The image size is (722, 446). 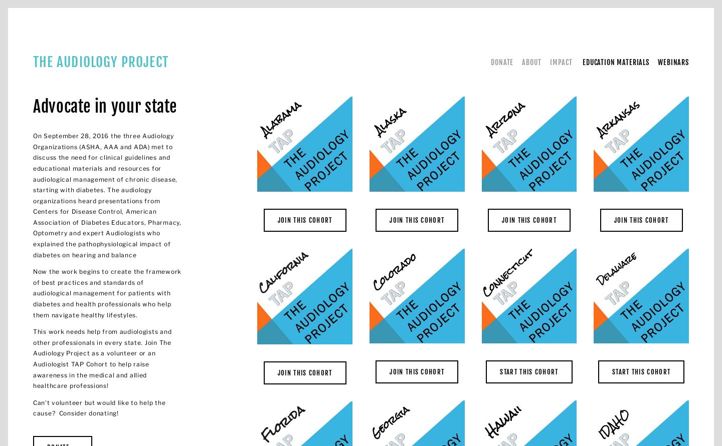 I want to click on 'On September 28, 2016 the three Audiology Organizations (ASHA, AAA and ADA) met to discuss the need for clinical guidelines and educational materials and resources for audiological management of chronic disease, starting with diabetes. The audiology organizations heard presentations from Centers for Disease Control, American Association of Diabetes Educators, Pharmacy, Optometry and expert Audiologists who explained the pathophysiological impact of diabetes on hearing and balance', so click(x=108, y=195).